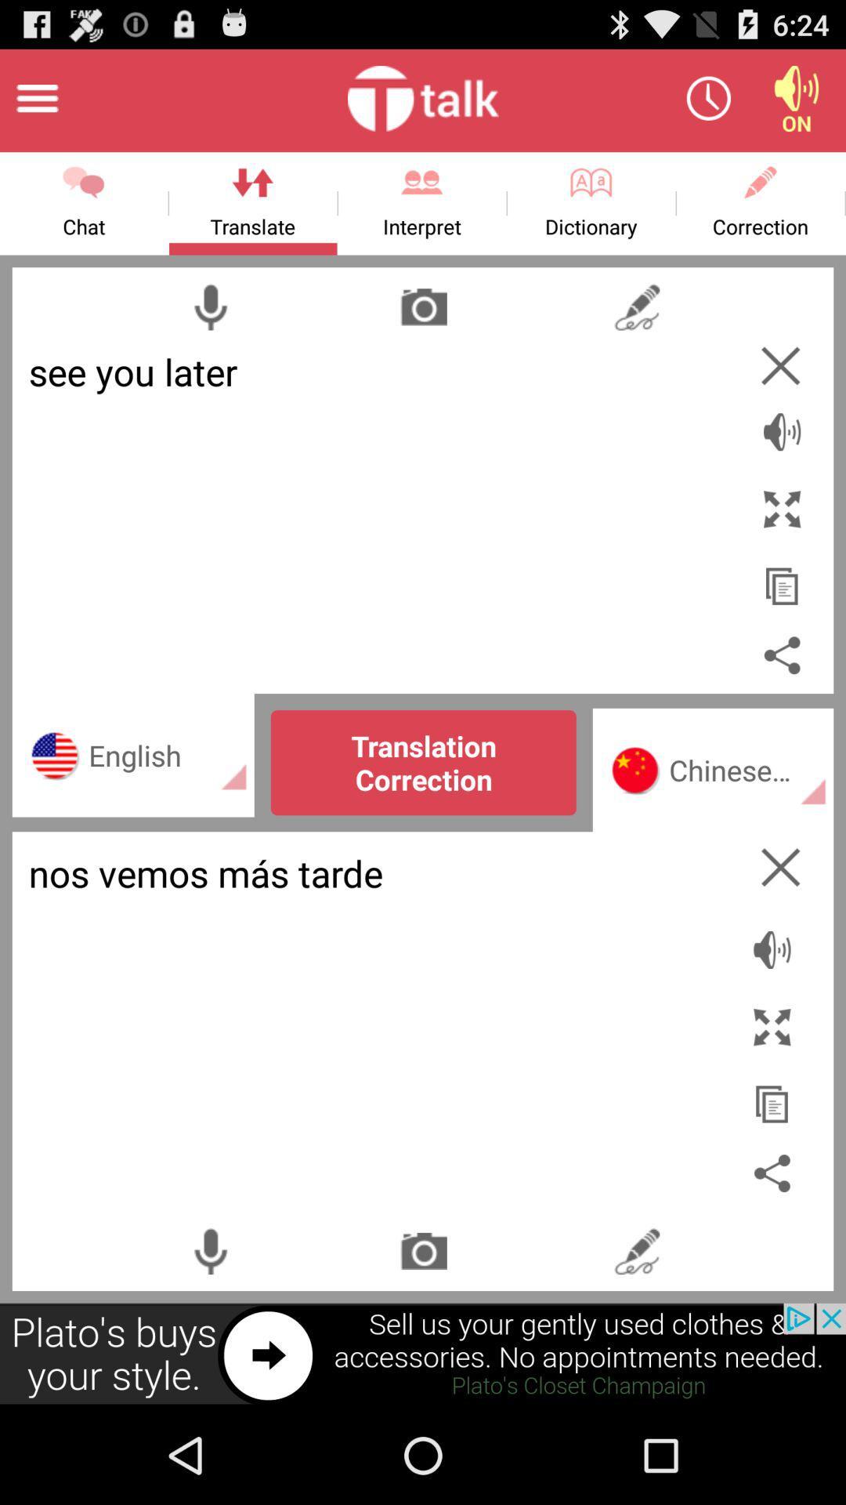 This screenshot has width=846, height=1505. I want to click on the copy icon, so click(782, 618).